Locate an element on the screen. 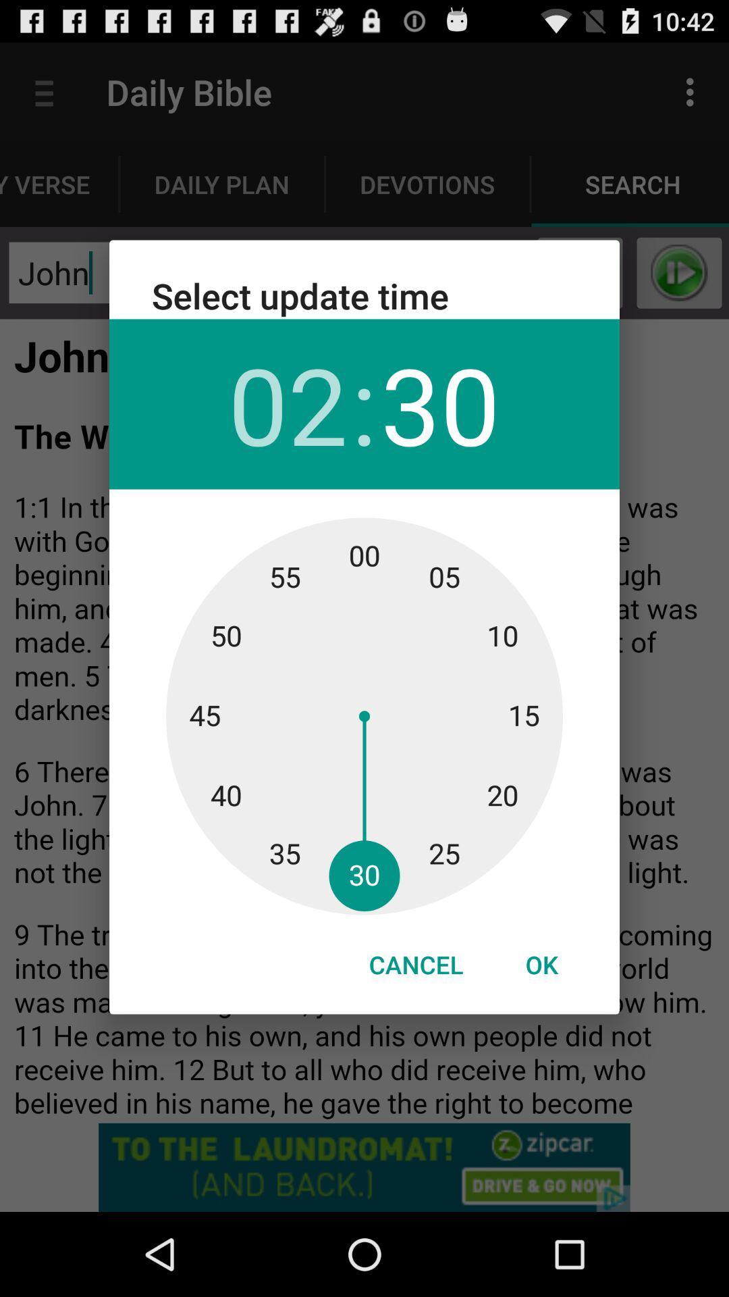 Image resolution: width=729 pixels, height=1297 pixels. icon to the left of the : is located at coordinates (287, 403).